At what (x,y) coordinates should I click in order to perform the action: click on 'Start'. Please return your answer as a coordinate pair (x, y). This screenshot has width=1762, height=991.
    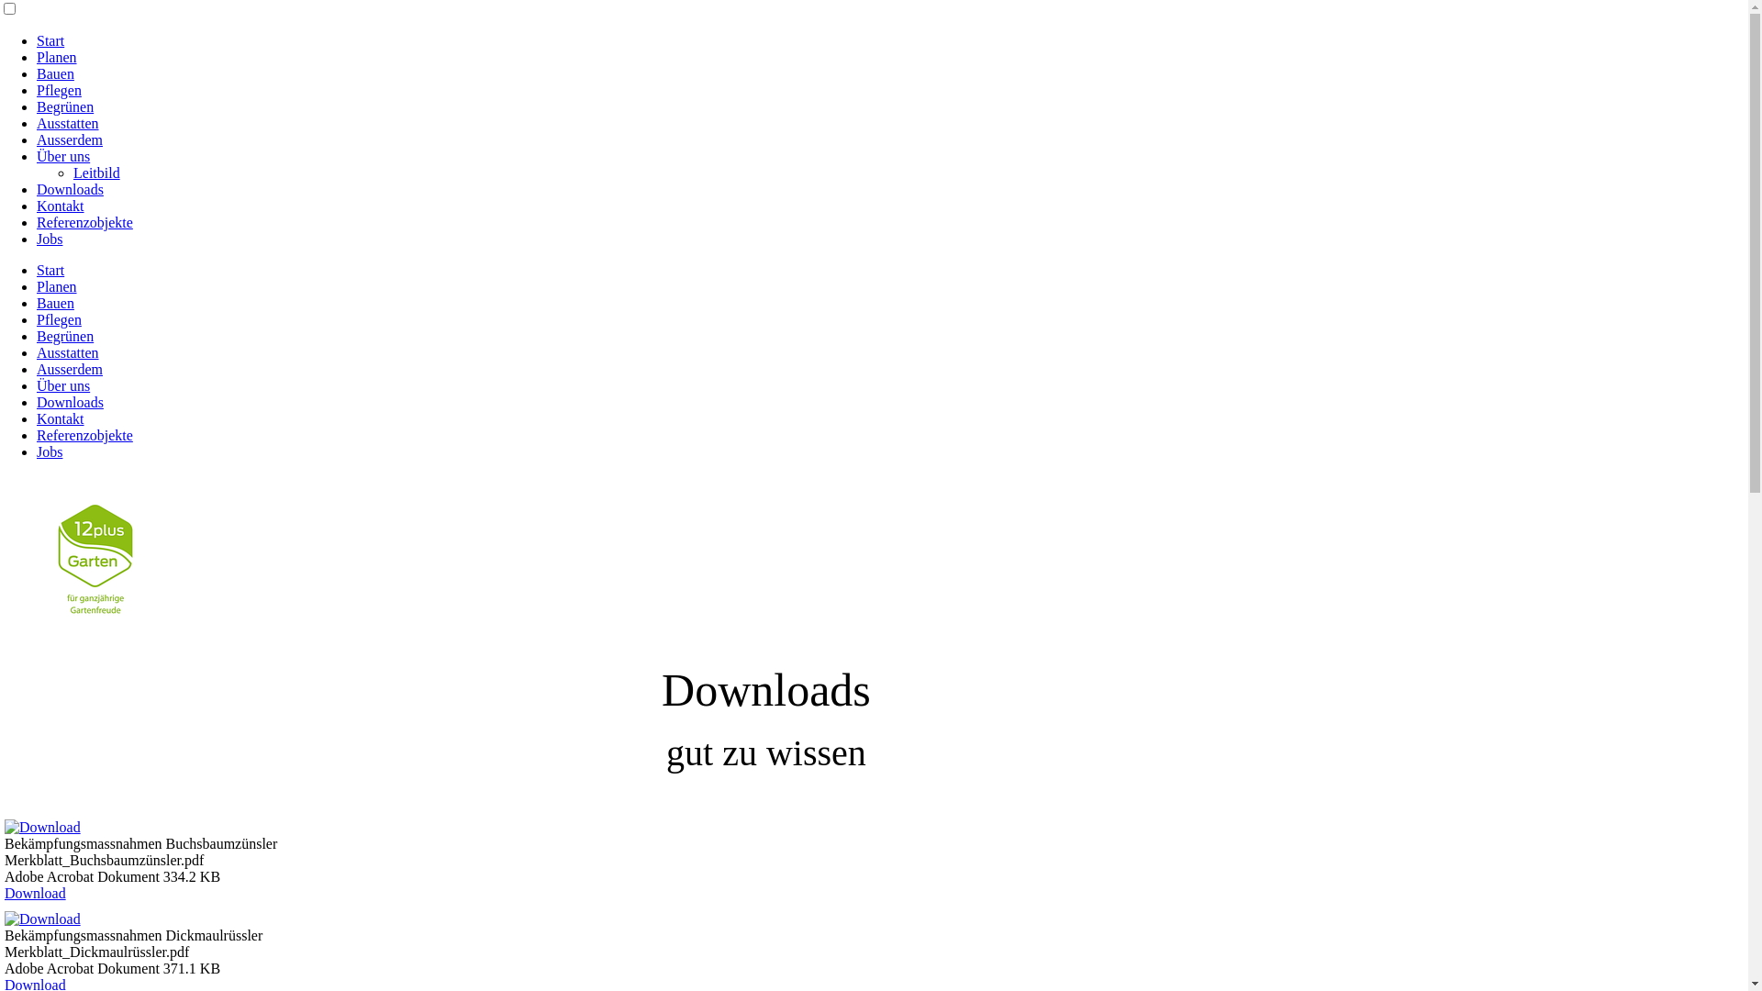
    Looking at the image, I should click on (50, 40).